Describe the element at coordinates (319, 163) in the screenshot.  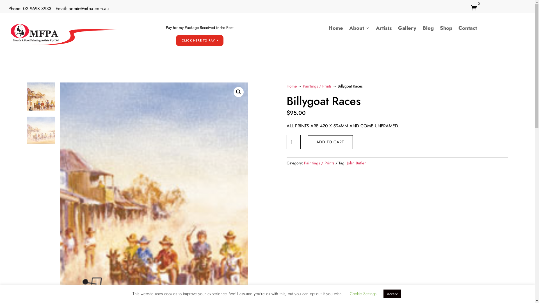
I see `'Paintings / Prints'` at that location.